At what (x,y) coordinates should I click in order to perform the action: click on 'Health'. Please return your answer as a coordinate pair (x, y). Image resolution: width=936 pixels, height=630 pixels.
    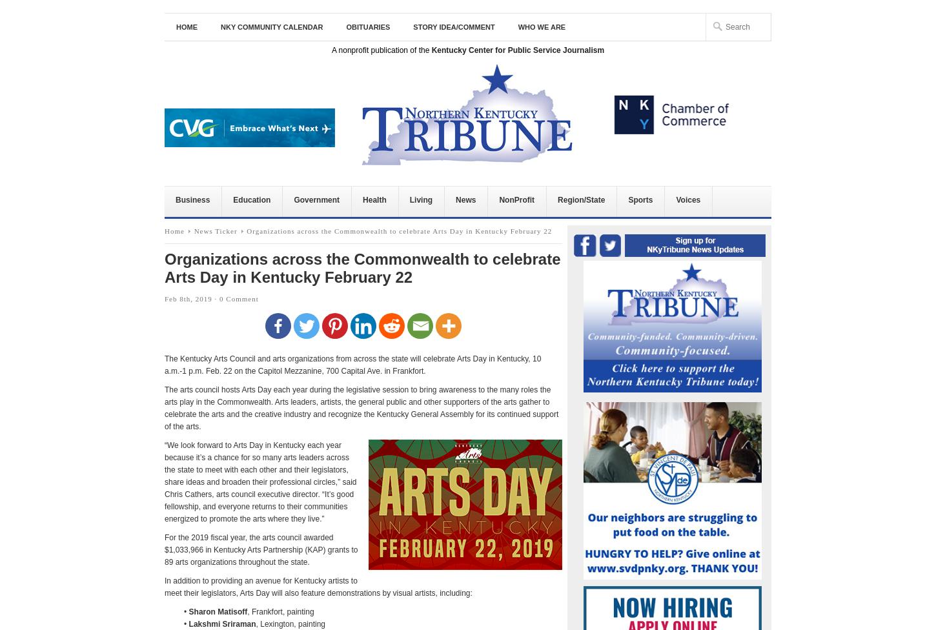
    Looking at the image, I should click on (374, 199).